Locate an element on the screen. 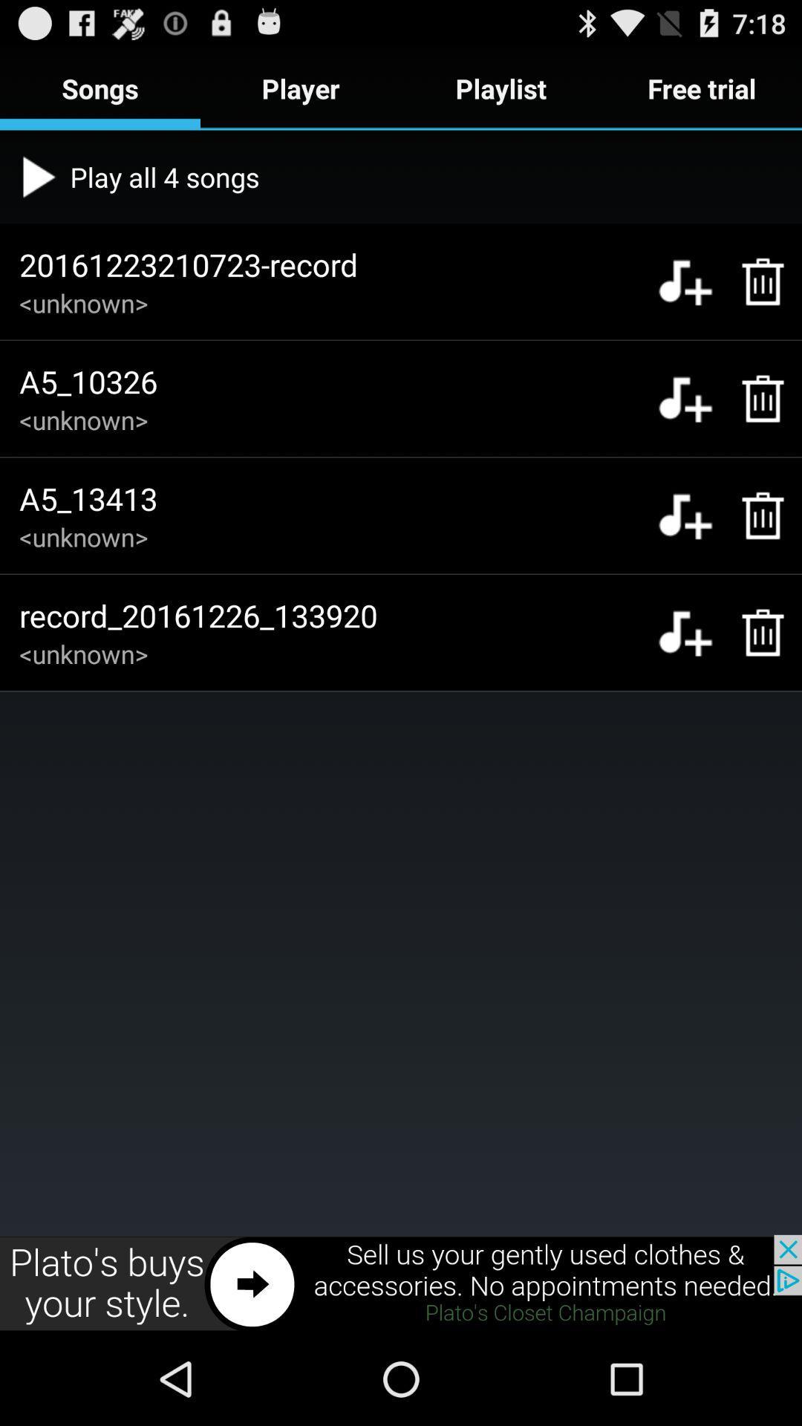 The image size is (802, 1426). advertisement adding button is located at coordinates (401, 1283).